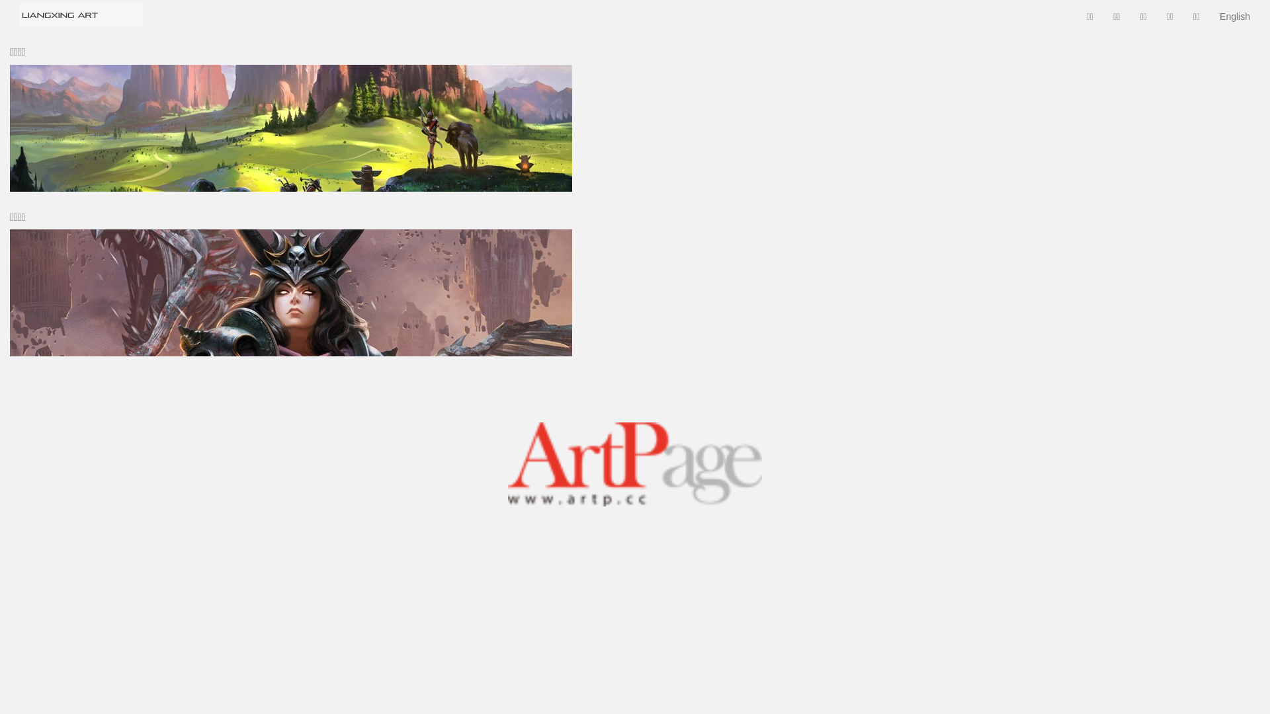 The height and width of the screenshot is (714, 1270). What do you see at coordinates (1234, 16) in the screenshot?
I see `'English'` at bounding box center [1234, 16].